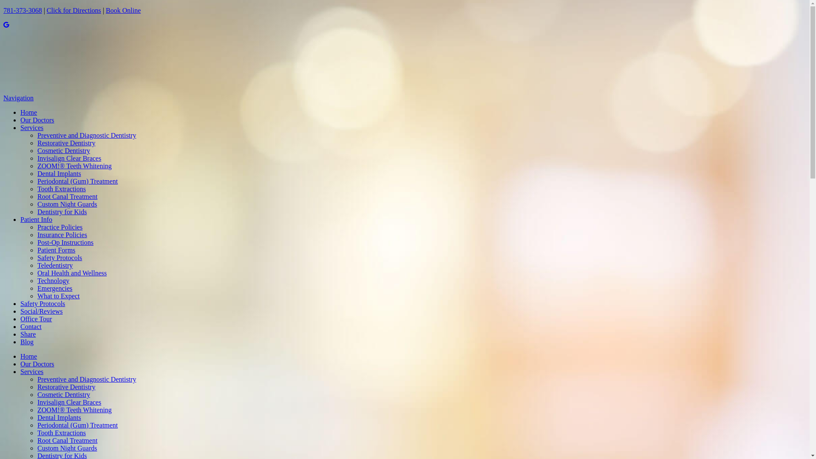 This screenshot has width=816, height=459. What do you see at coordinates (20, 326) in the screenshot?
I see `'Contact'` at bounding box center [20, 326].